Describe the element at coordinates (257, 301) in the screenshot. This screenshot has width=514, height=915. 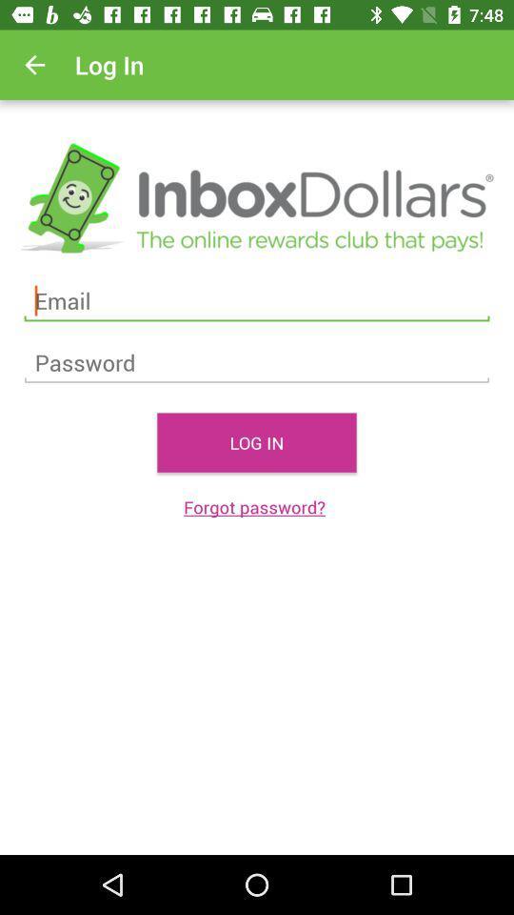
I see `email` at that location.